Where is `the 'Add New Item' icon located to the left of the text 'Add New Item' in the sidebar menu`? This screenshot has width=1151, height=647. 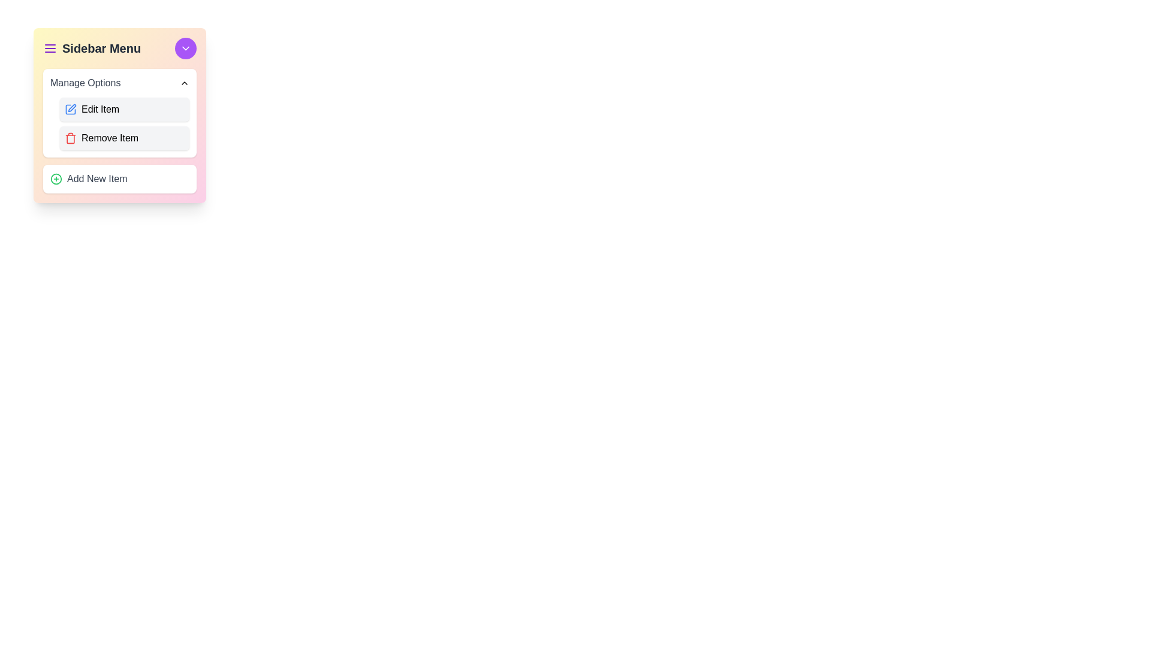 the 'Add New Item' icon located to the left of the text 'Add New Item' in the sidebar menu is located at coordinates (56, 179).